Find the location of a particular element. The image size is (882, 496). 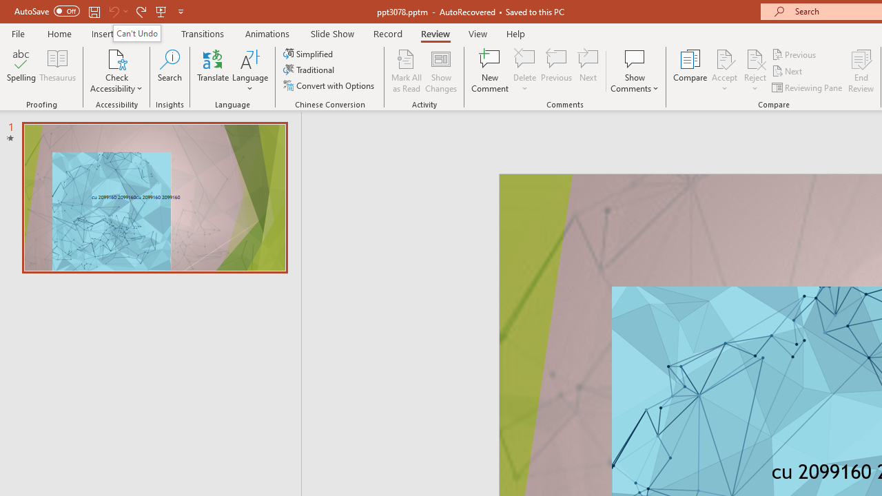

'Thesaurus...' is located at coordinates (57, 71).